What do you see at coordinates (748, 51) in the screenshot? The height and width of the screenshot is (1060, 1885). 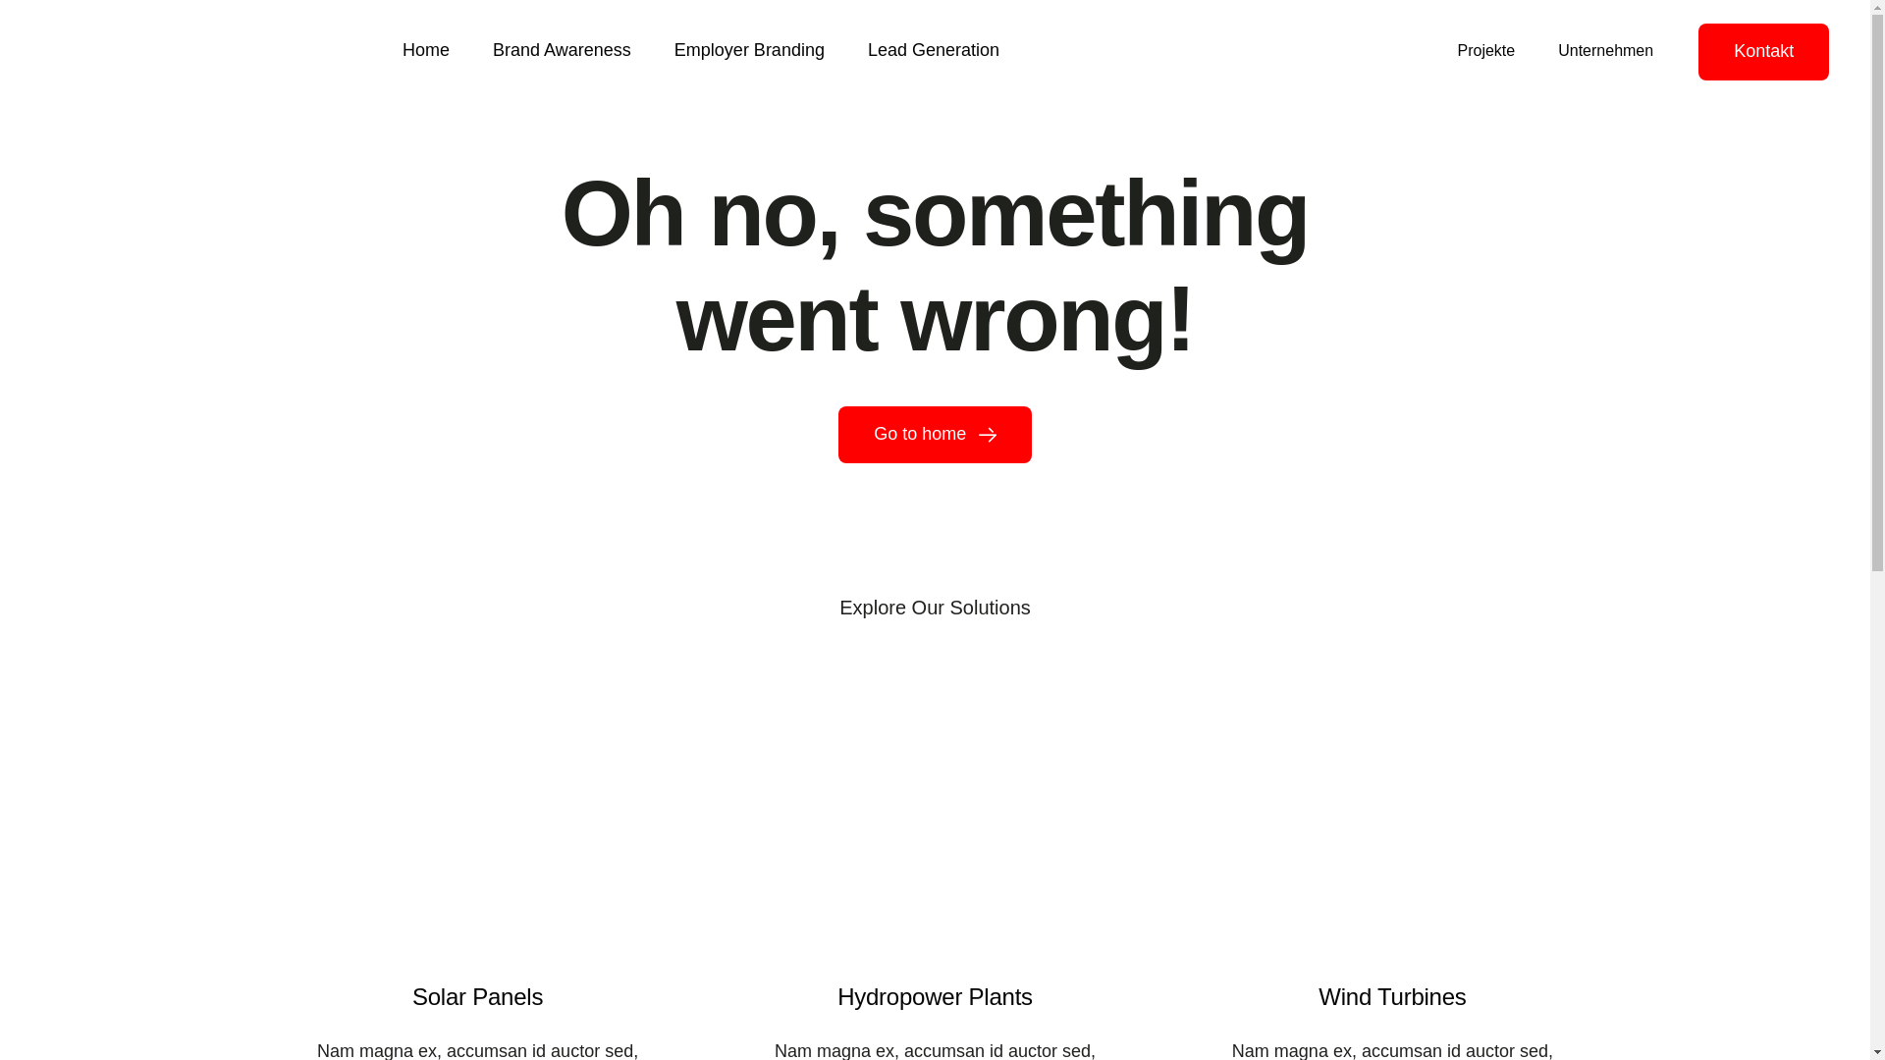 I see `'Employer Branding'` at bounding box center [748, 51].